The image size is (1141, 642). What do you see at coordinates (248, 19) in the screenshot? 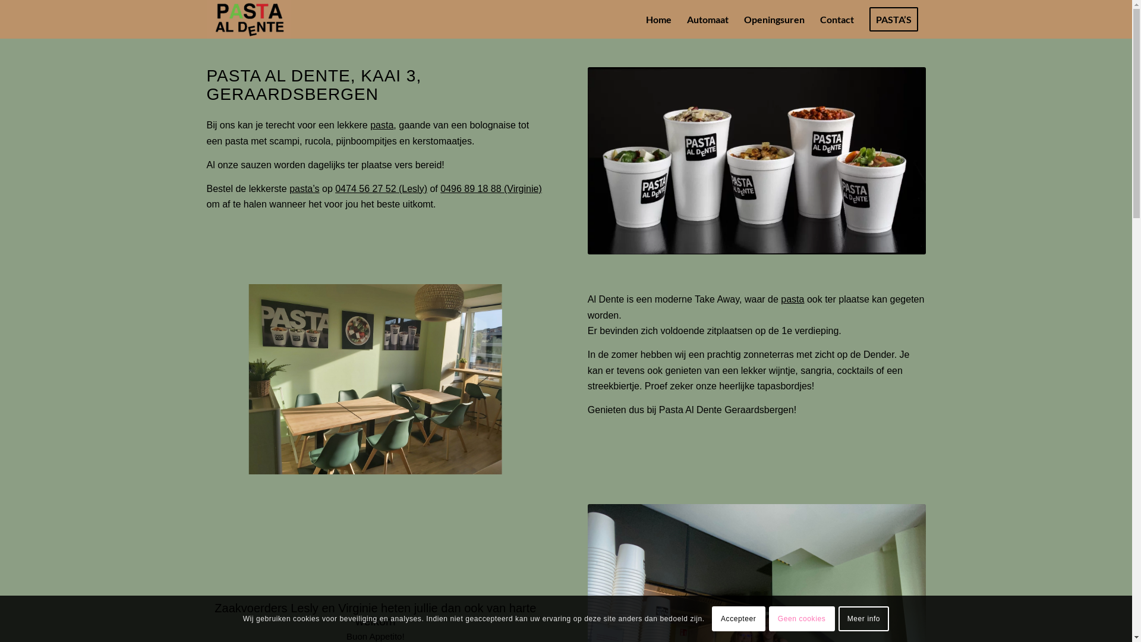
I see `'logo_enfold'` at bounding box center [248, 19].